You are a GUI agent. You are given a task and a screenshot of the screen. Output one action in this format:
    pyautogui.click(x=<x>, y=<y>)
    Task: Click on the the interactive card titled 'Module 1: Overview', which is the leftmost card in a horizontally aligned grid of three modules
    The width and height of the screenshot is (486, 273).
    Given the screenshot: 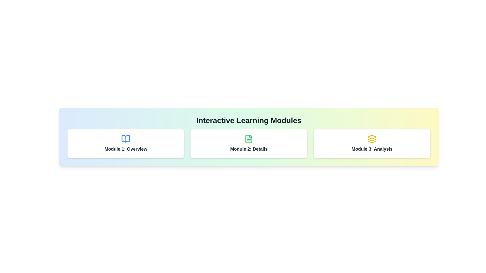 What is the action you would take?
    pyautogui.click(x=126, y=143)
    